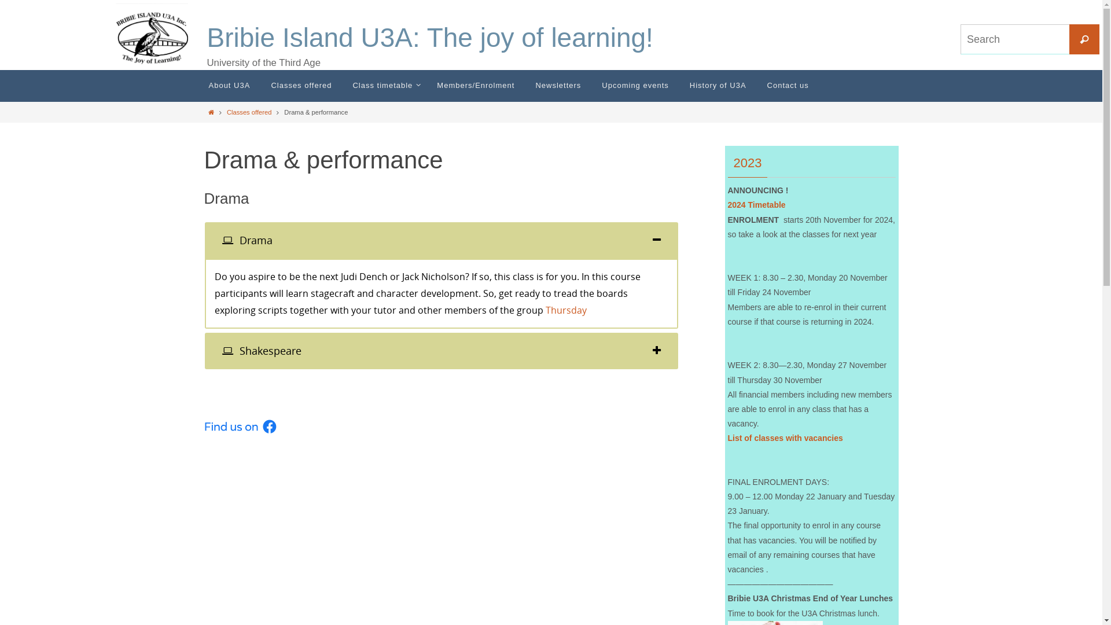 The width and height of the screenshot is (1111, 625). I want to click on 'Thursday', so click(544, 310).